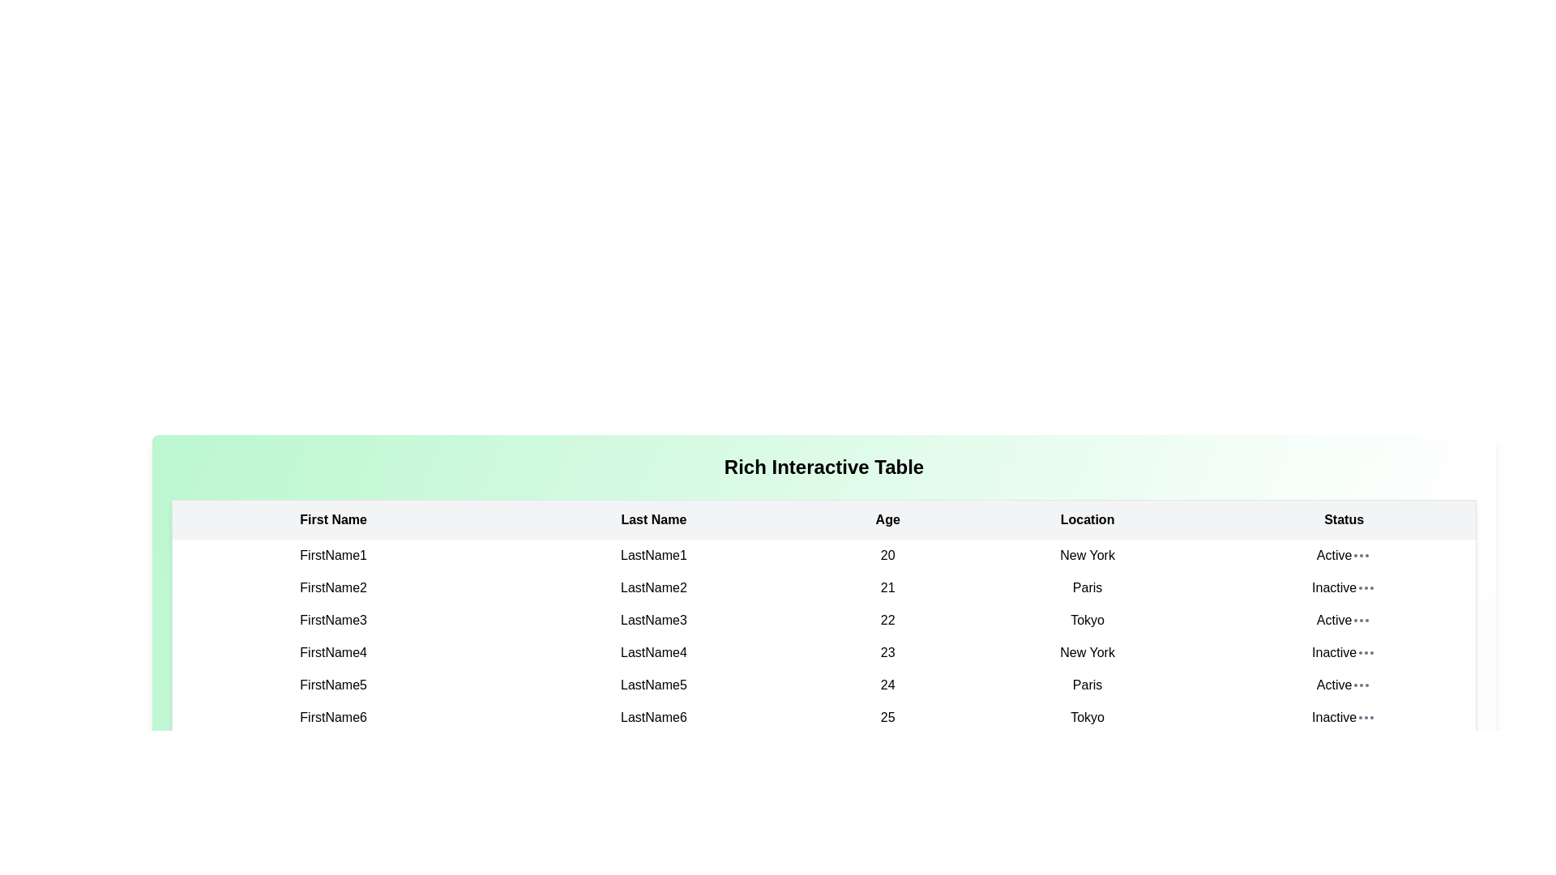 The image size is (1556, 875). I want to click on the ellipsis menu for the row with status Active, so click(1361, 555).